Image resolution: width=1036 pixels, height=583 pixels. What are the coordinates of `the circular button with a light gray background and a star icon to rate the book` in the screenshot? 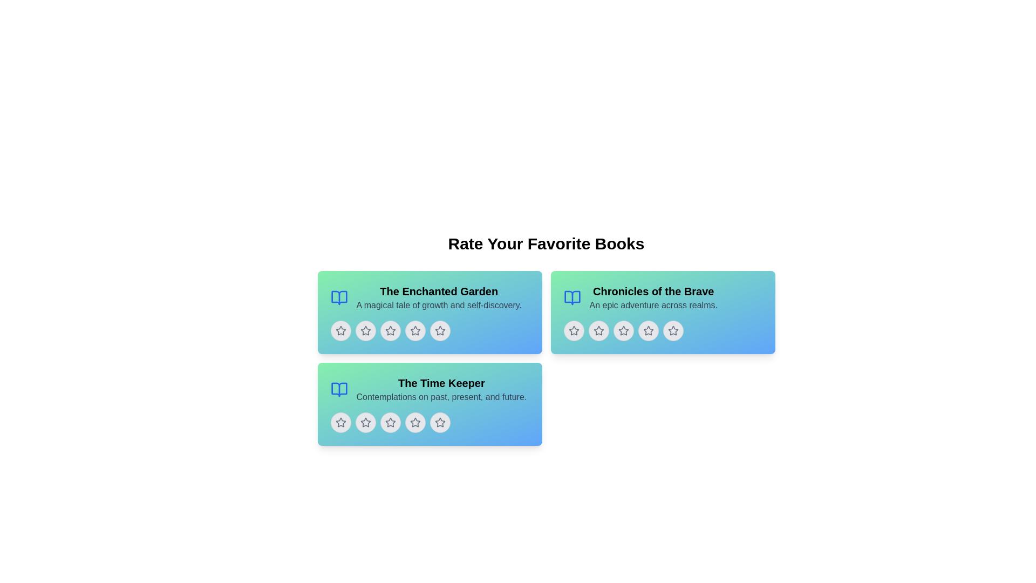 It's located at (440, 422).